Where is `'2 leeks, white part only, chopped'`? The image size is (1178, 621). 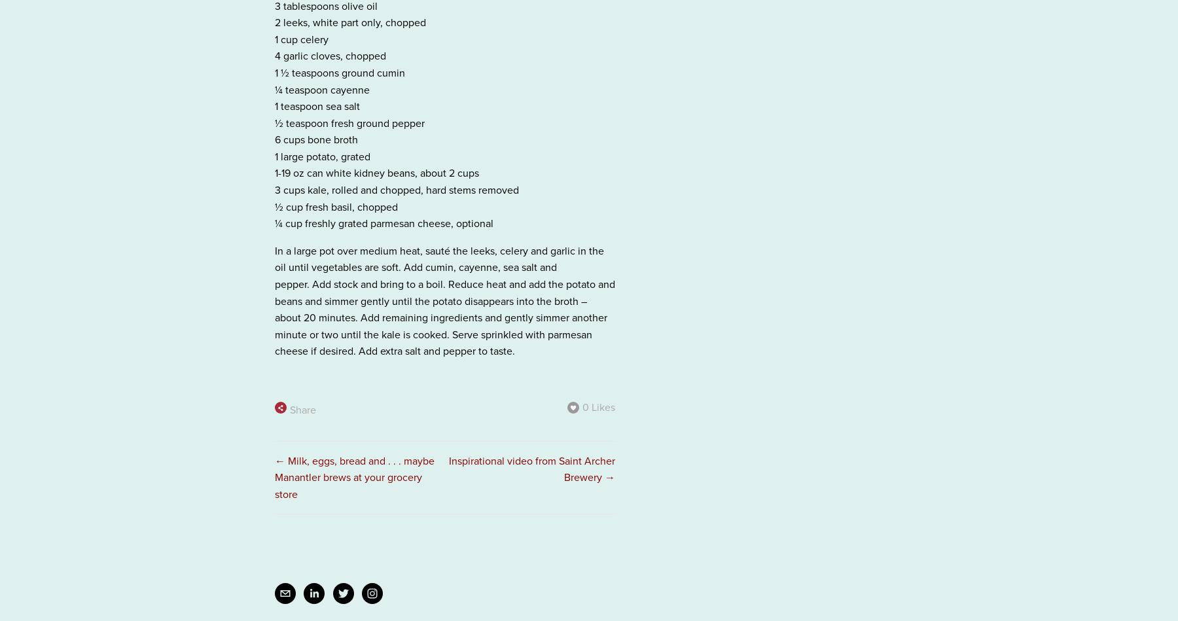
'2 leeks, white part only, chopped' is located at coordinates (349, 22).